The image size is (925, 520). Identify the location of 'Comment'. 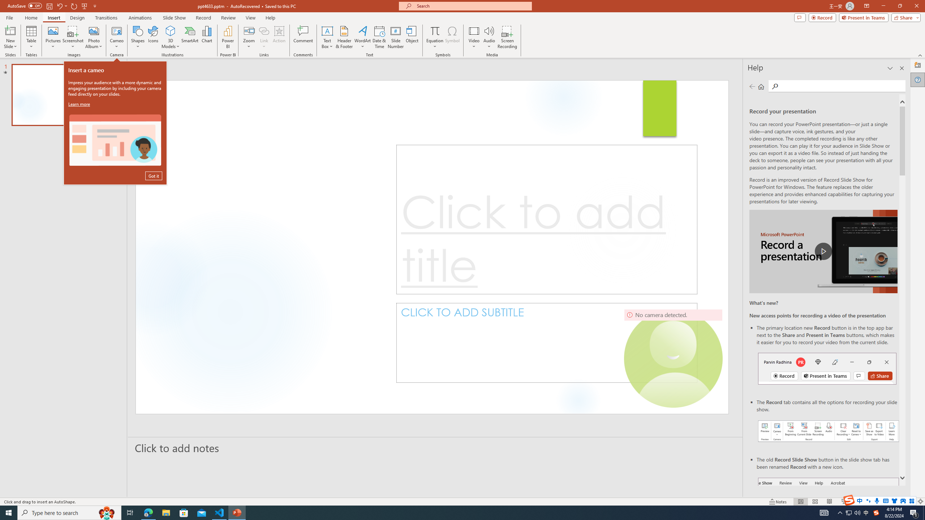
(302, 37).